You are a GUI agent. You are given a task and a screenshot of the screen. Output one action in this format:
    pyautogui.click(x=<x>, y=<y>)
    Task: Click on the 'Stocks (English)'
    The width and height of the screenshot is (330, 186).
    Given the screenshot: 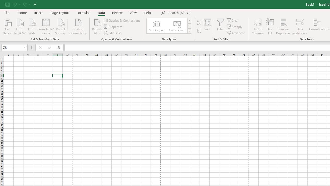 What is the action you would take?
    pyautogui.click(x=156, y=26)
    